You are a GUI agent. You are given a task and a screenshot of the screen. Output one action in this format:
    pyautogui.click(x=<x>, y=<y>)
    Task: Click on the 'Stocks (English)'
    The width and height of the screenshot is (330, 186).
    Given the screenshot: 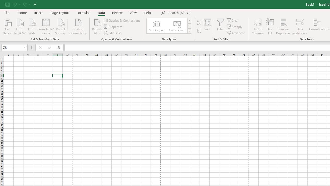 What is the action you would take?
    pyautogui.click(x=156, y=26)
    